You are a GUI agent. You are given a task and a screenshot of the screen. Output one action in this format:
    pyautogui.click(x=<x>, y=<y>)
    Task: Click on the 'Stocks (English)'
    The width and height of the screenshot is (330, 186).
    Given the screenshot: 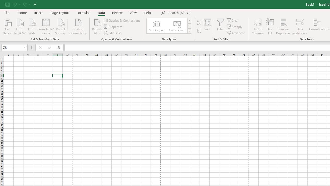 What is the action you would take?
    pyautogui.click(x=156, y=26)
    